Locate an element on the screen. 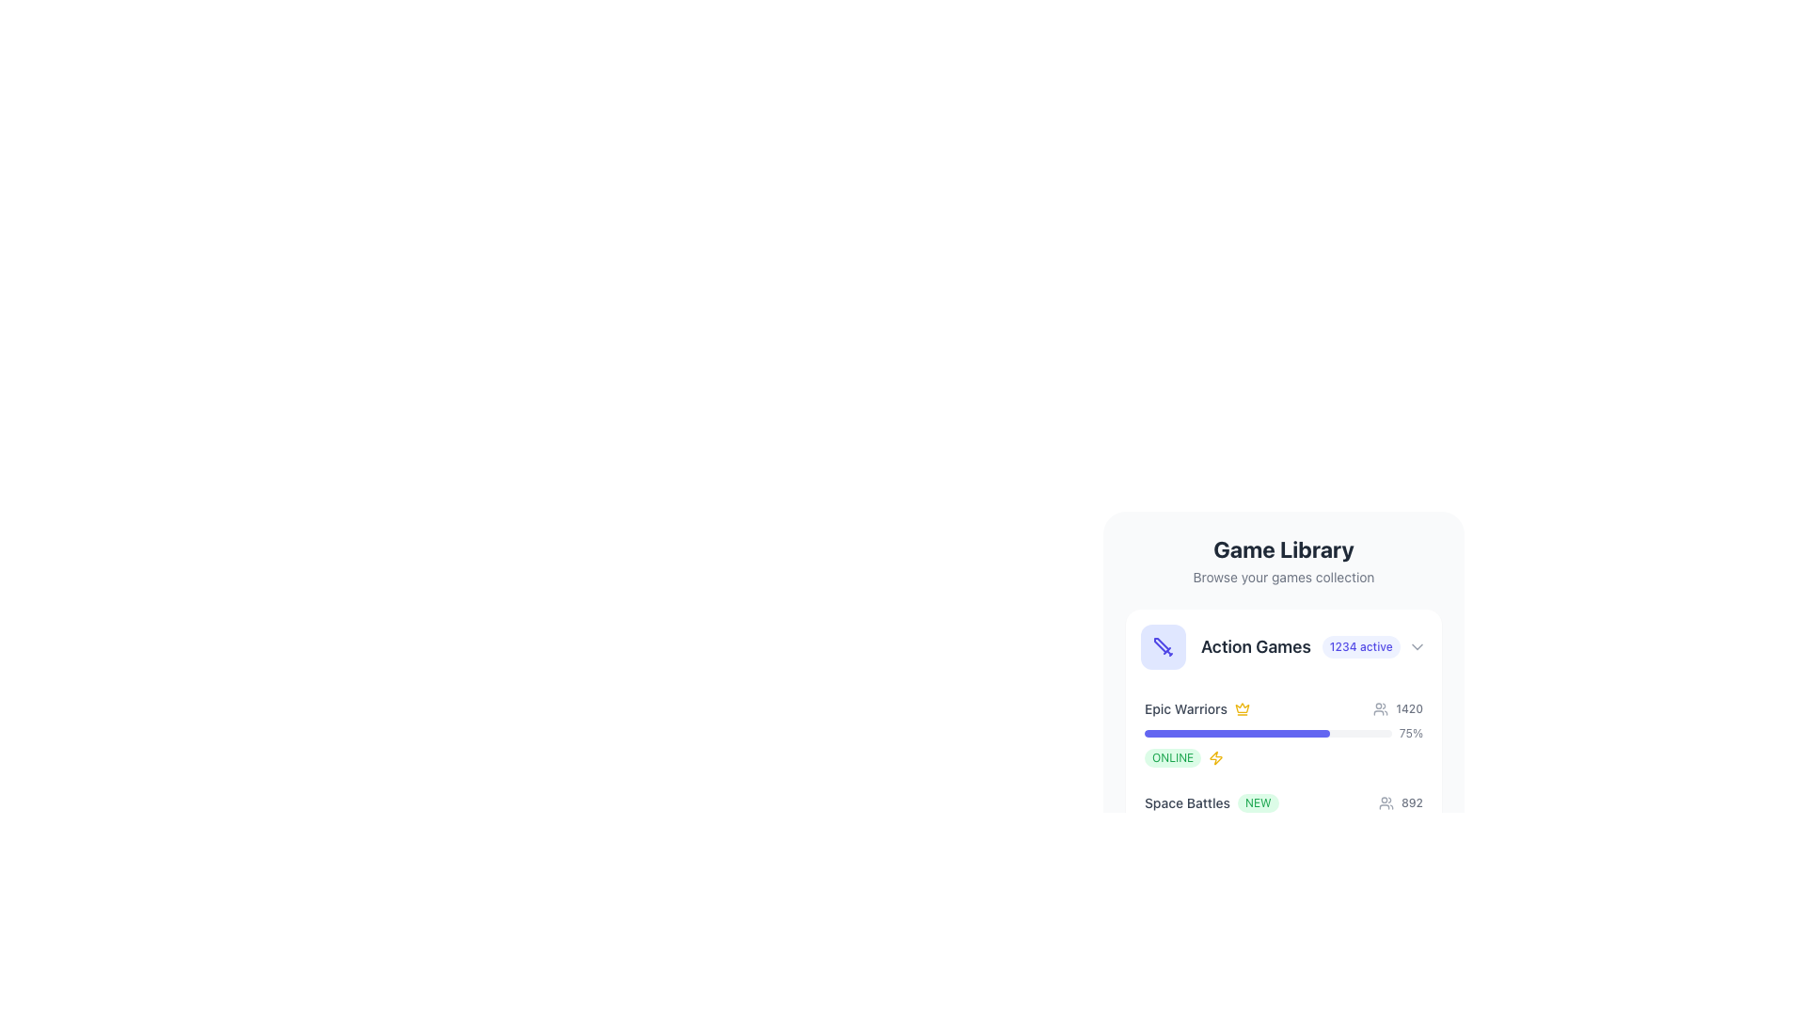 This screenshot has width=1806, height=1016. the lightning bolt icon, which indicates a premium or high-energy status for the game 'Epic Warriors', located directly to the right of the 'ONLINE' green badge in the game library section is located at coordinates (1216, 757).